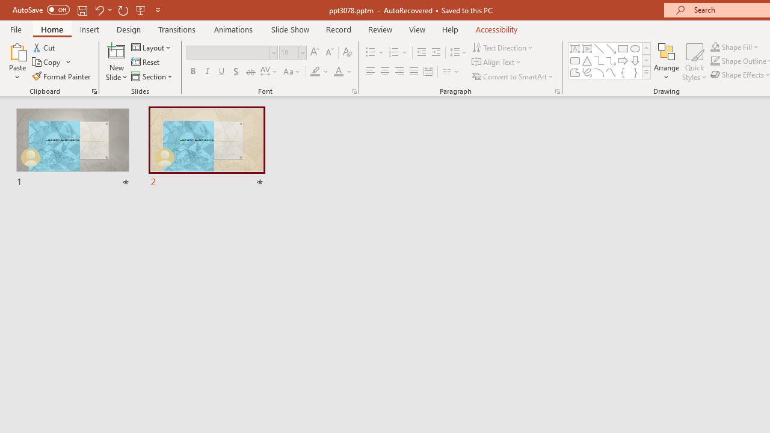  I want to click on 'Transitions', so click(177, 29).